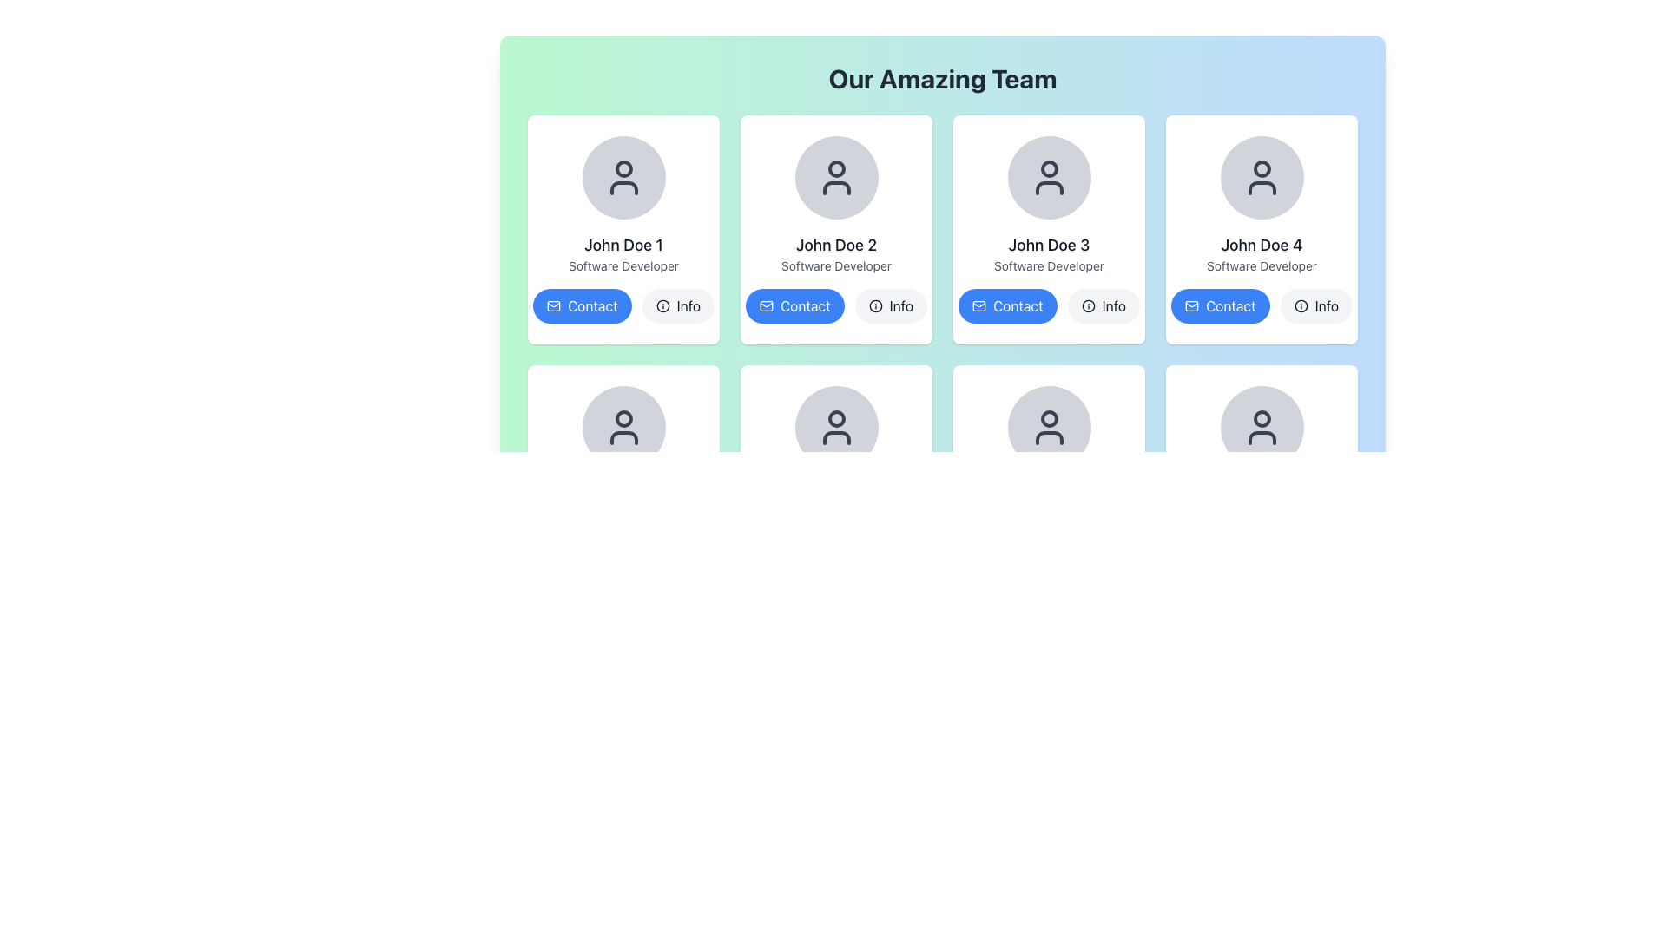  I want to click on the envelope icon within the 'Contact' button under the profile of 'John Doe 1' to invoke the contact feature, so click(553, 305).